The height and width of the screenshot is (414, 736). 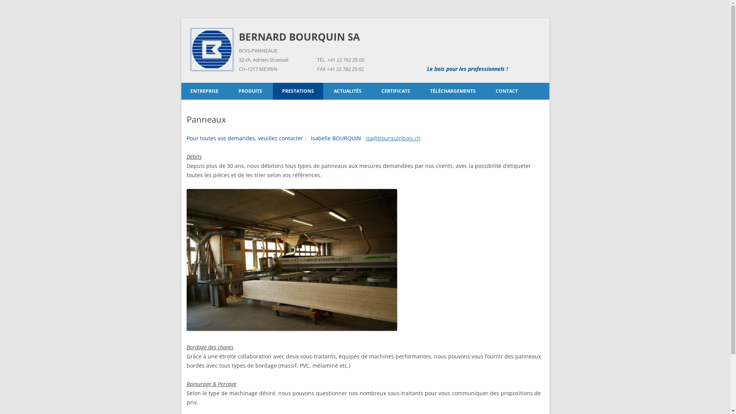 I want to click on 'CERTIFICATS', so click(x=395, y=91).